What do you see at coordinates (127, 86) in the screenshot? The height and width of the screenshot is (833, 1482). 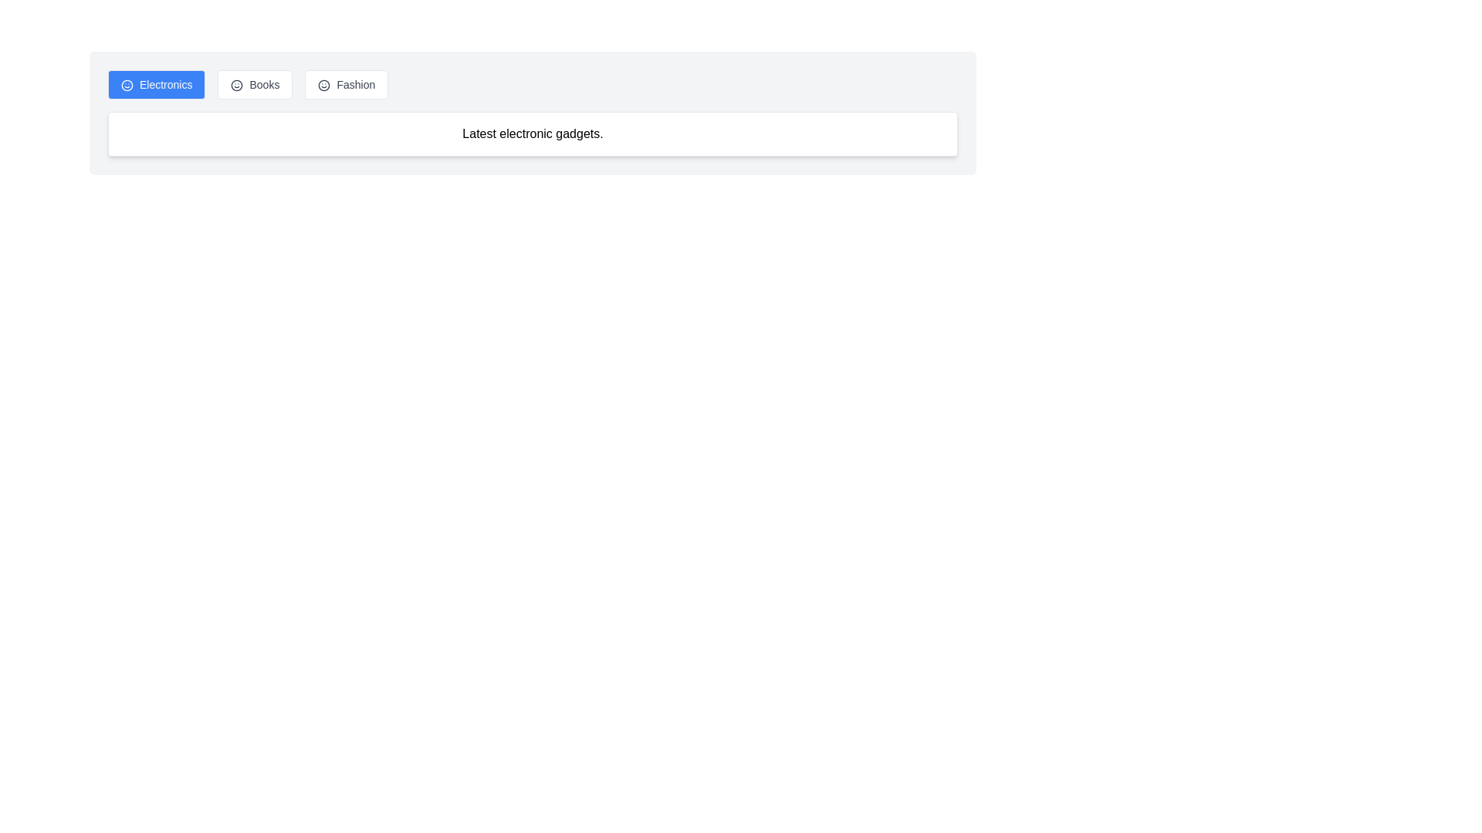 I see `the smiling face SVG icon located to the left of the 'Electronics' button in the header` at bounding box center [127, 86].